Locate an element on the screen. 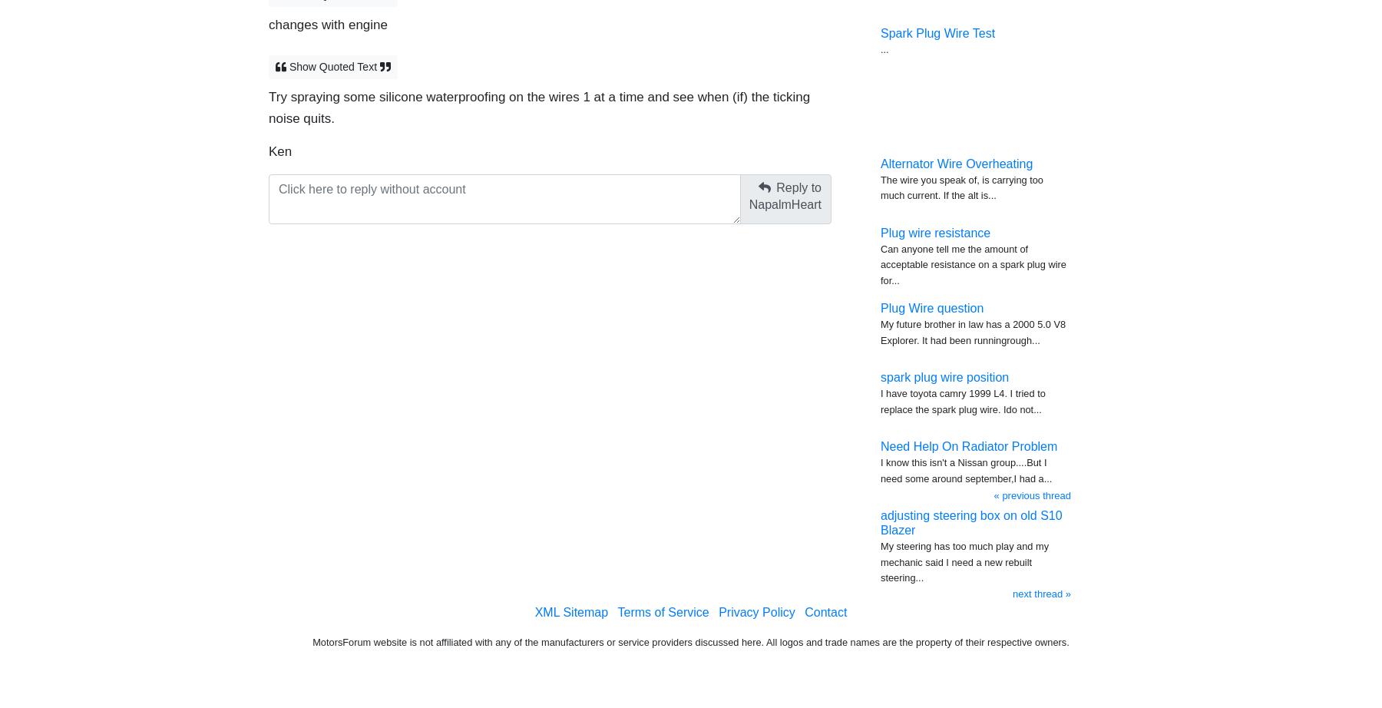 This screenshot has width=1382, height=708. 'XML Sitemap' is located at coordinates (570, 611).